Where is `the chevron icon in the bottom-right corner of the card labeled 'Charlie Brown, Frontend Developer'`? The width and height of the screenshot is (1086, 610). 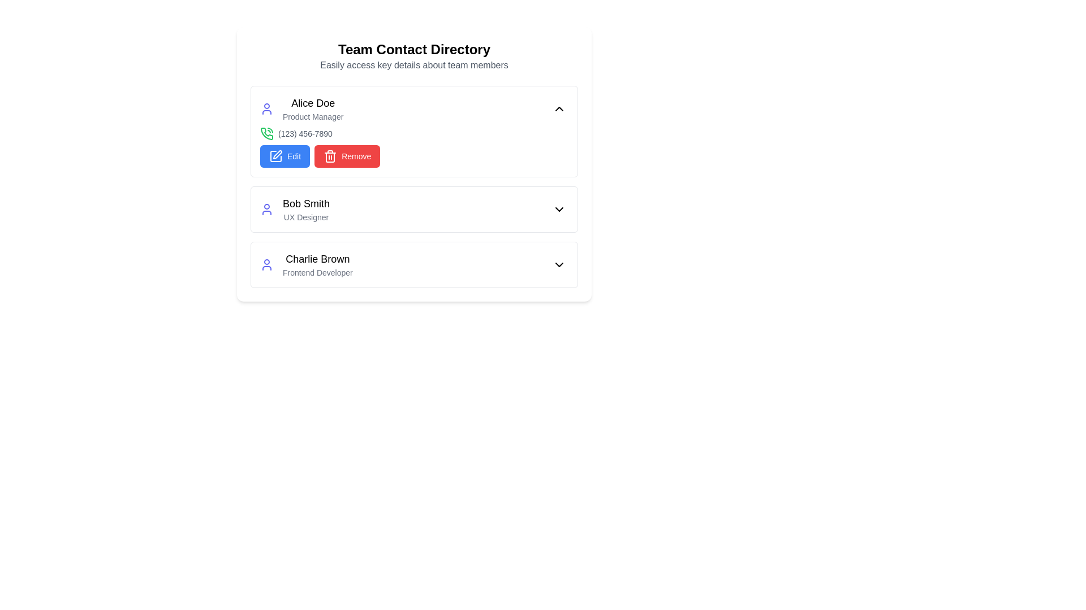
the chevron icon in the bottom-right corner of the card labeled 'Charlie Brown, Frontend Developer' is located at coordinates (559, 265).